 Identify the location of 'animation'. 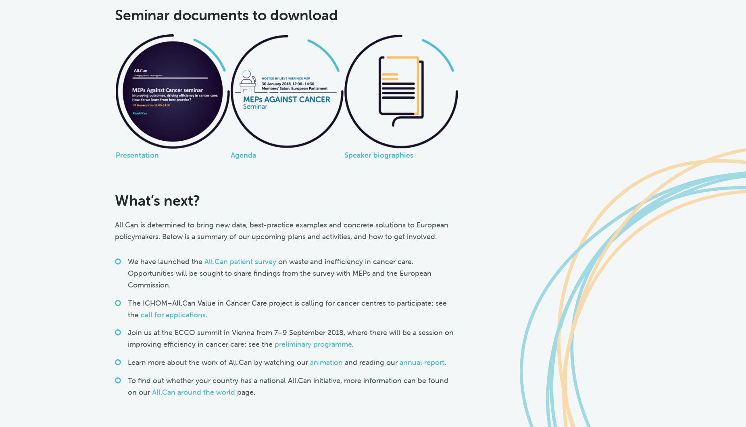
(309, 362).